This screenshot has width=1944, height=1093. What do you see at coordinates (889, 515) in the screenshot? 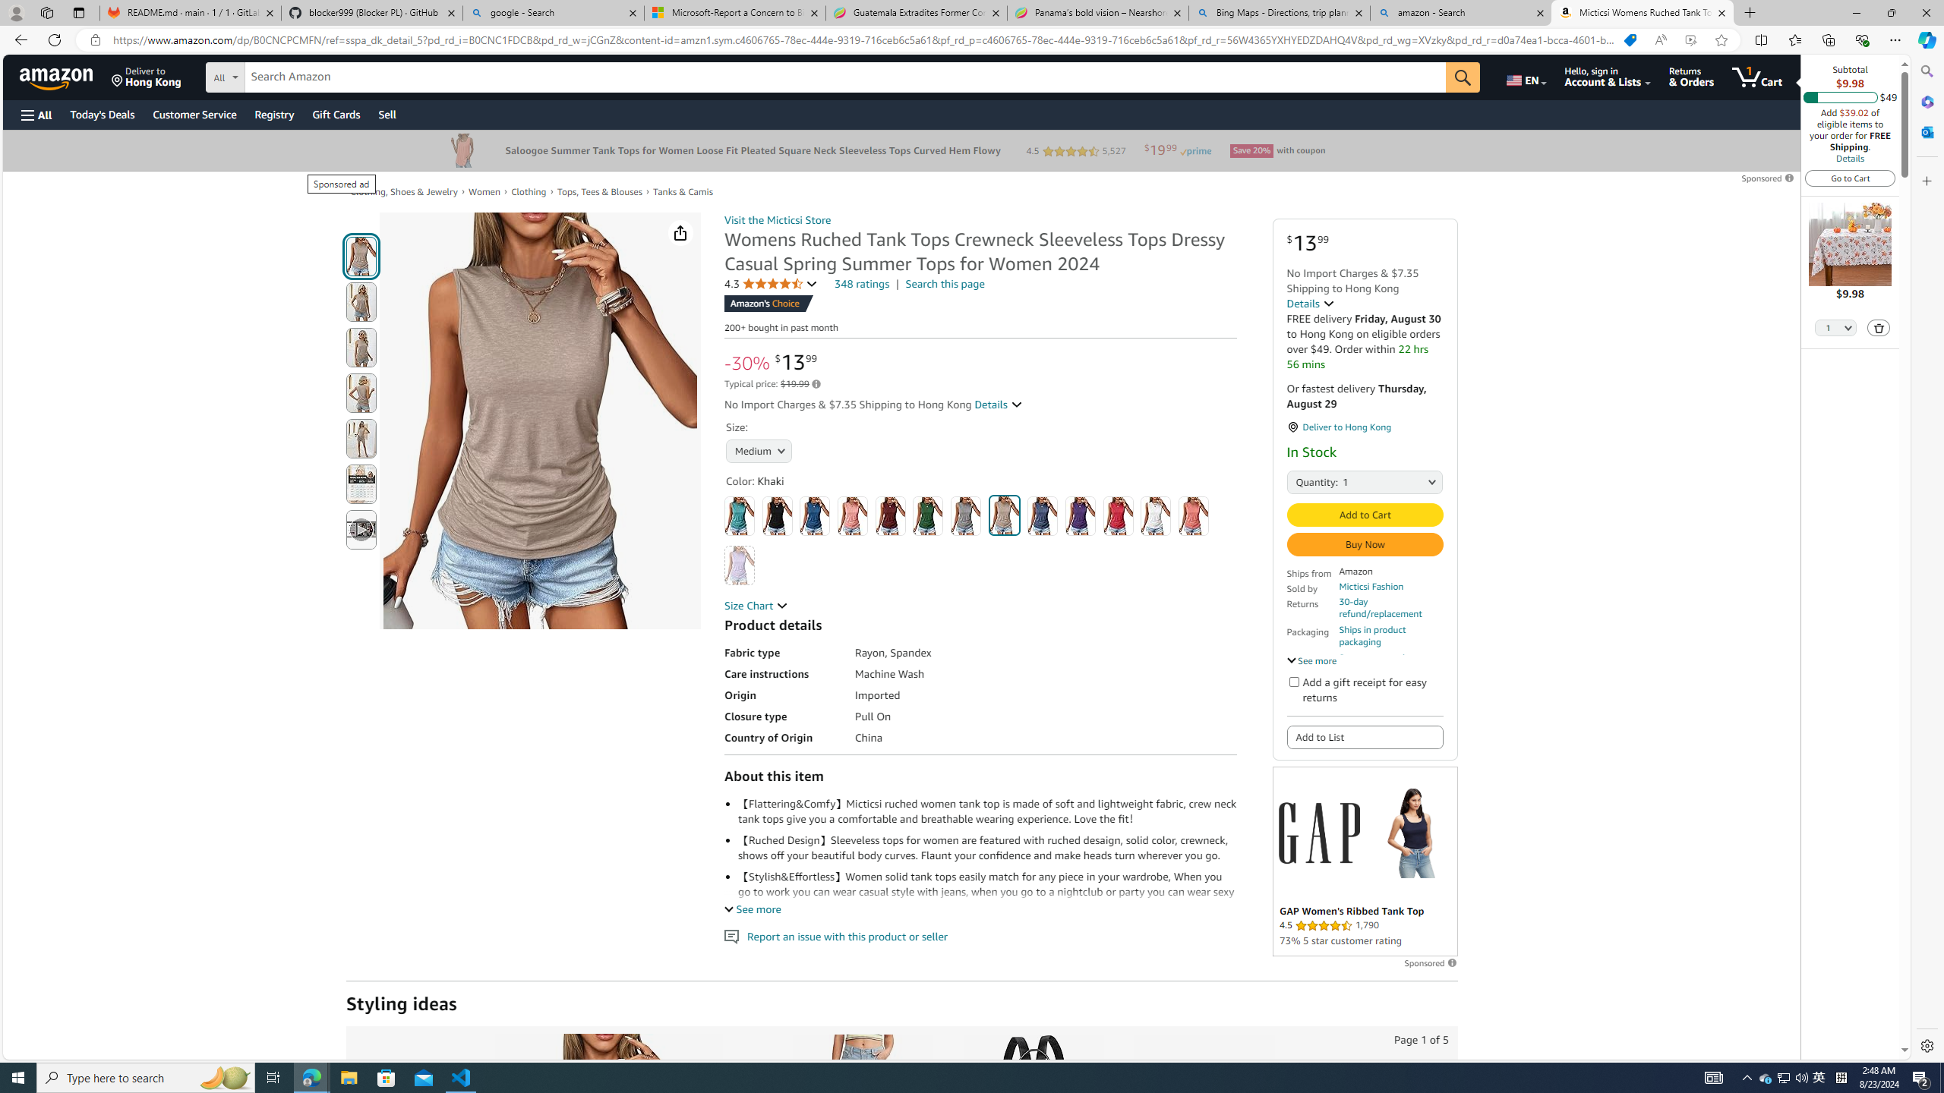
I see `'Dark Red'` at bounding box center [889, 515].